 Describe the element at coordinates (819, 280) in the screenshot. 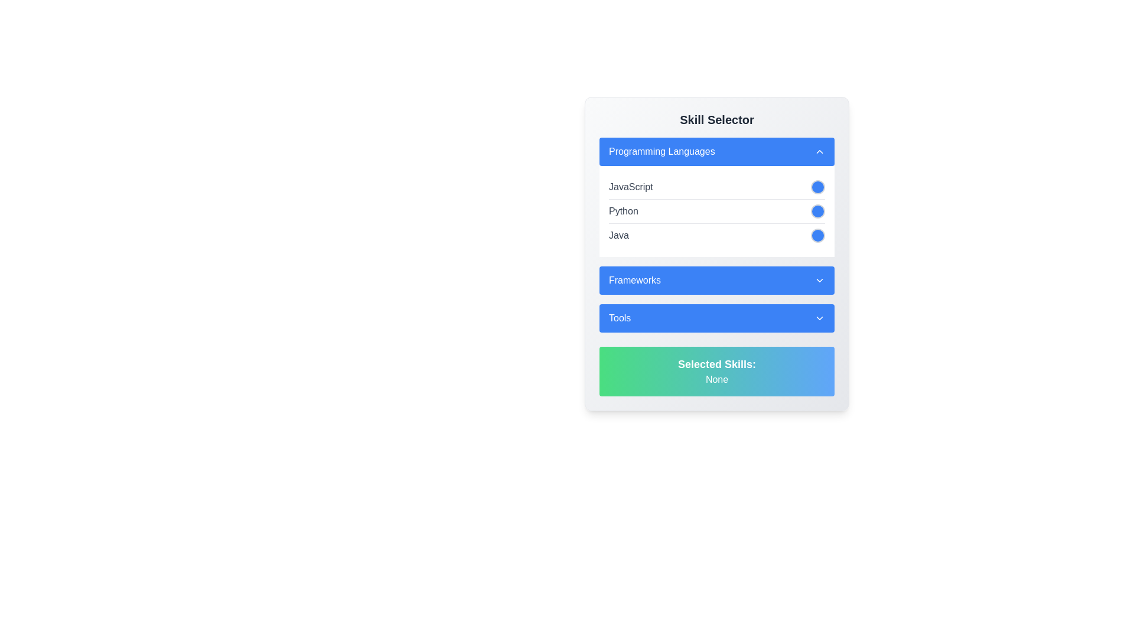

I see `the downward-pointing chevron icon located to the far right within the blue rectangular button labeled 'Frameworks'` at that location.